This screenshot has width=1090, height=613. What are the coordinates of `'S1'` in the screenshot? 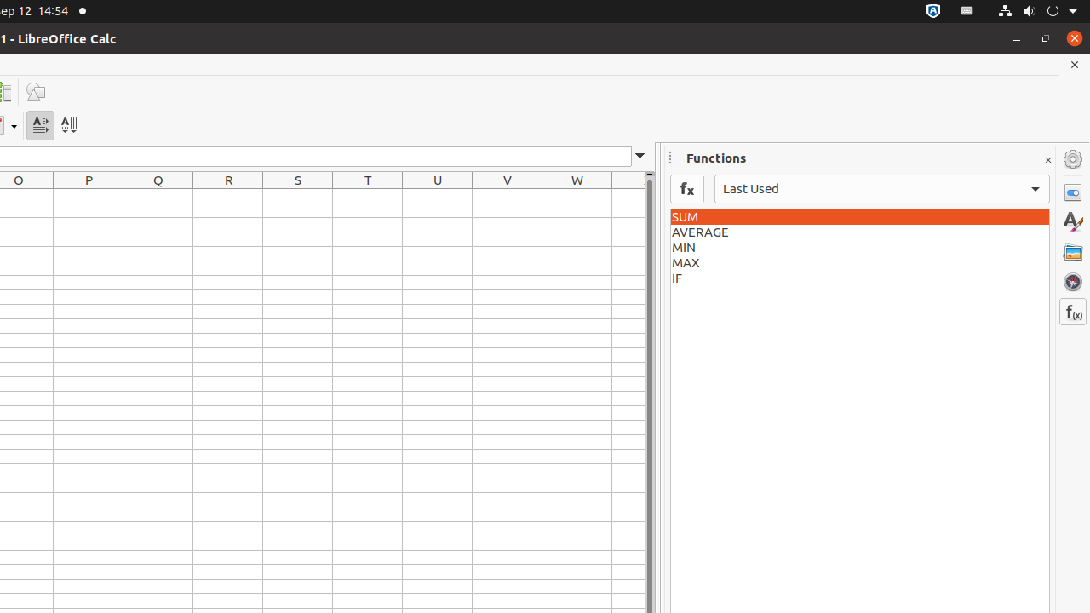 It's located at (297, 195).